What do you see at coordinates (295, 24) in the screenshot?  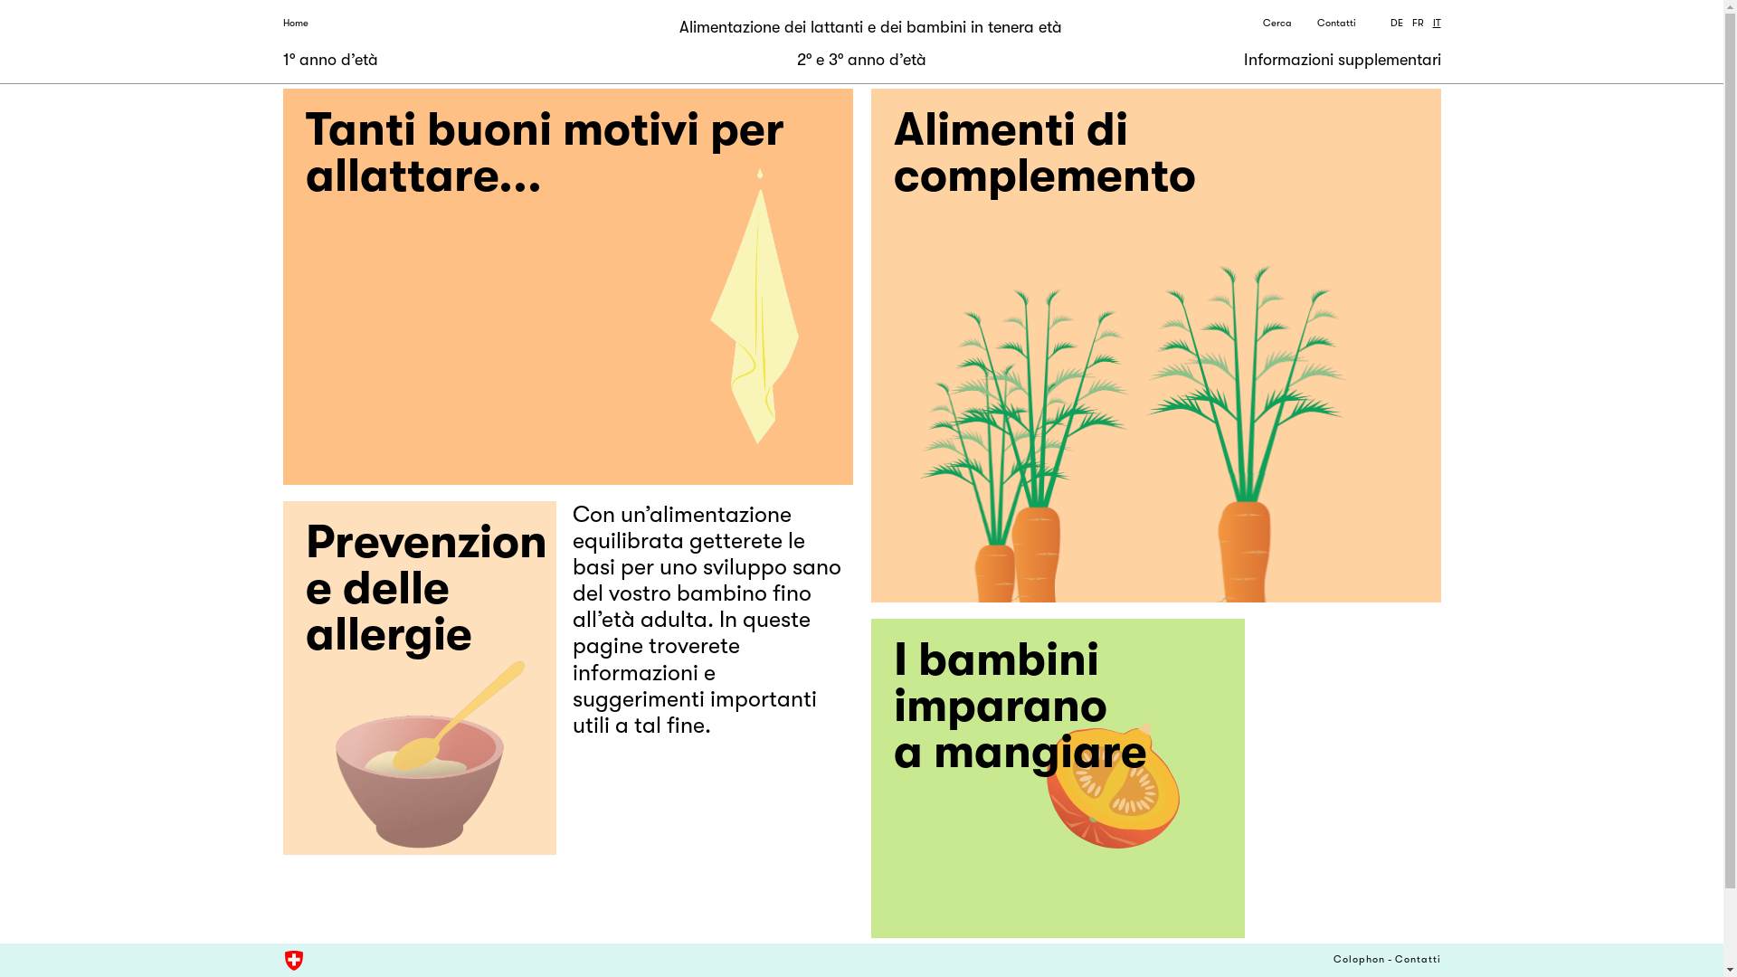 I see `'Home'` at bounding box center [295, 24].